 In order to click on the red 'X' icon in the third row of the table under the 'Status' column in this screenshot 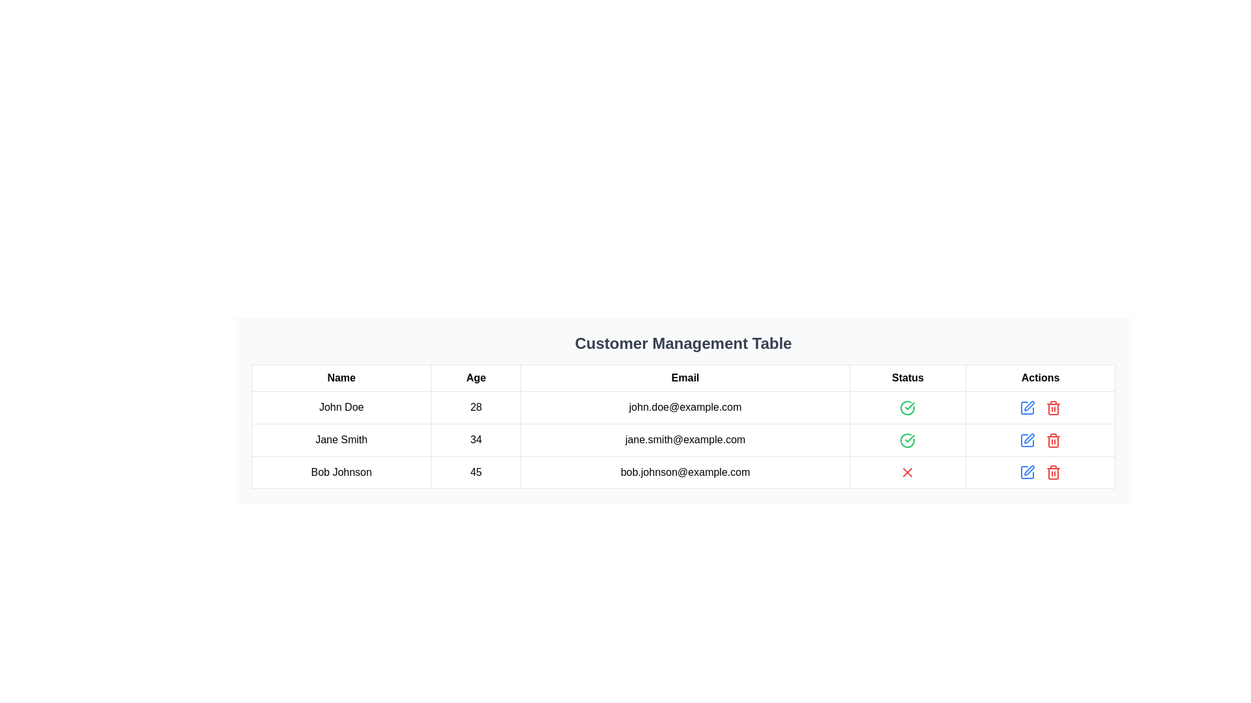, I will do `click(907, 473)`.